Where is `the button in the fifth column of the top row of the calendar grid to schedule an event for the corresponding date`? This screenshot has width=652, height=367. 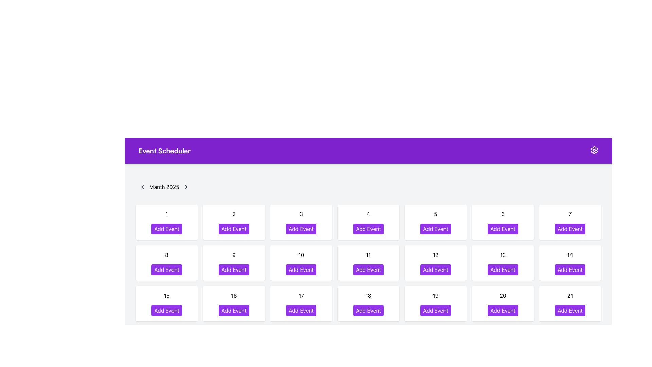
the button in the fifth column of the top row of the calendar grid to schedule an event for the corresponding date is located at coordinates (435, 229).